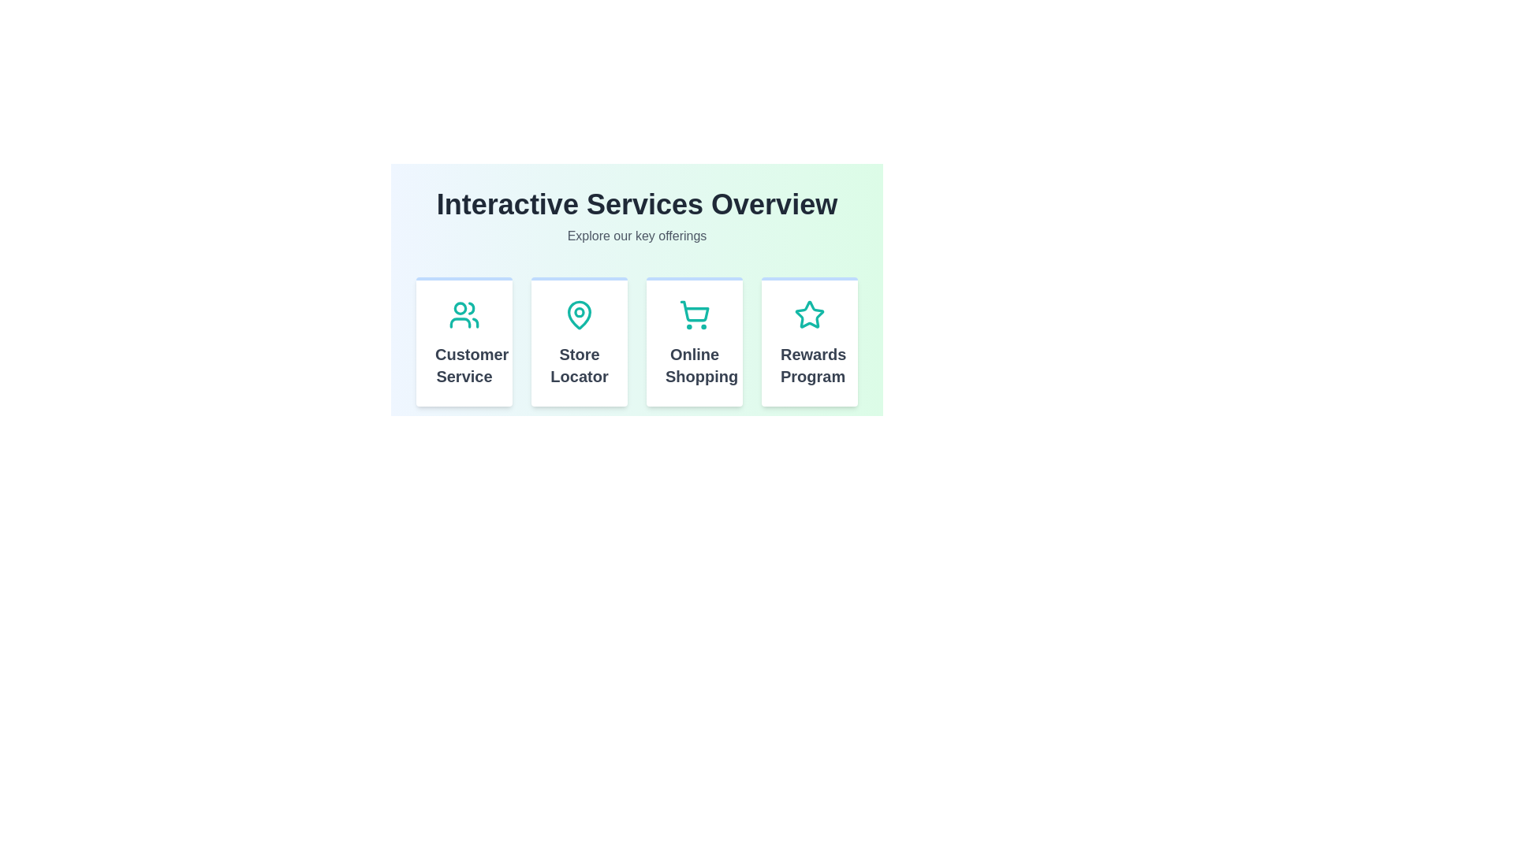  Describe the element at coordinates (694, 315) in the screenshot. I see `the online shopping icon located` at that location.